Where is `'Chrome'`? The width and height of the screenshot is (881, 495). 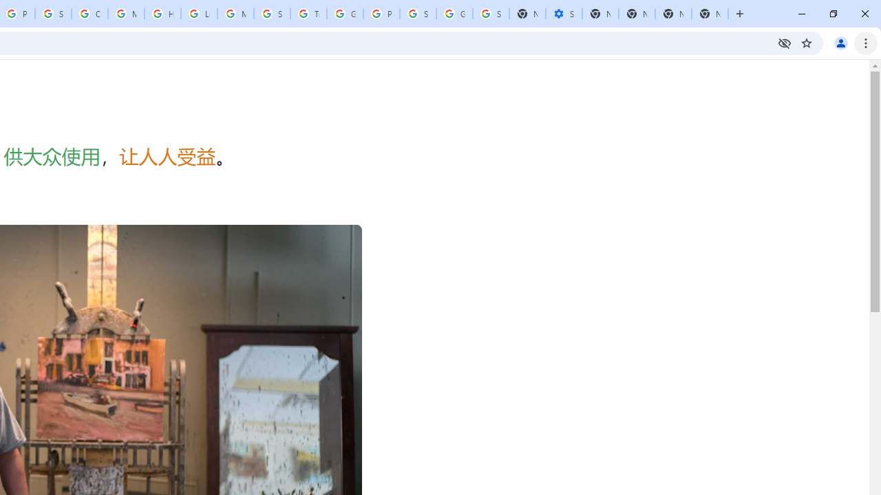
'Chrome' is located at coordinates (867, 42).